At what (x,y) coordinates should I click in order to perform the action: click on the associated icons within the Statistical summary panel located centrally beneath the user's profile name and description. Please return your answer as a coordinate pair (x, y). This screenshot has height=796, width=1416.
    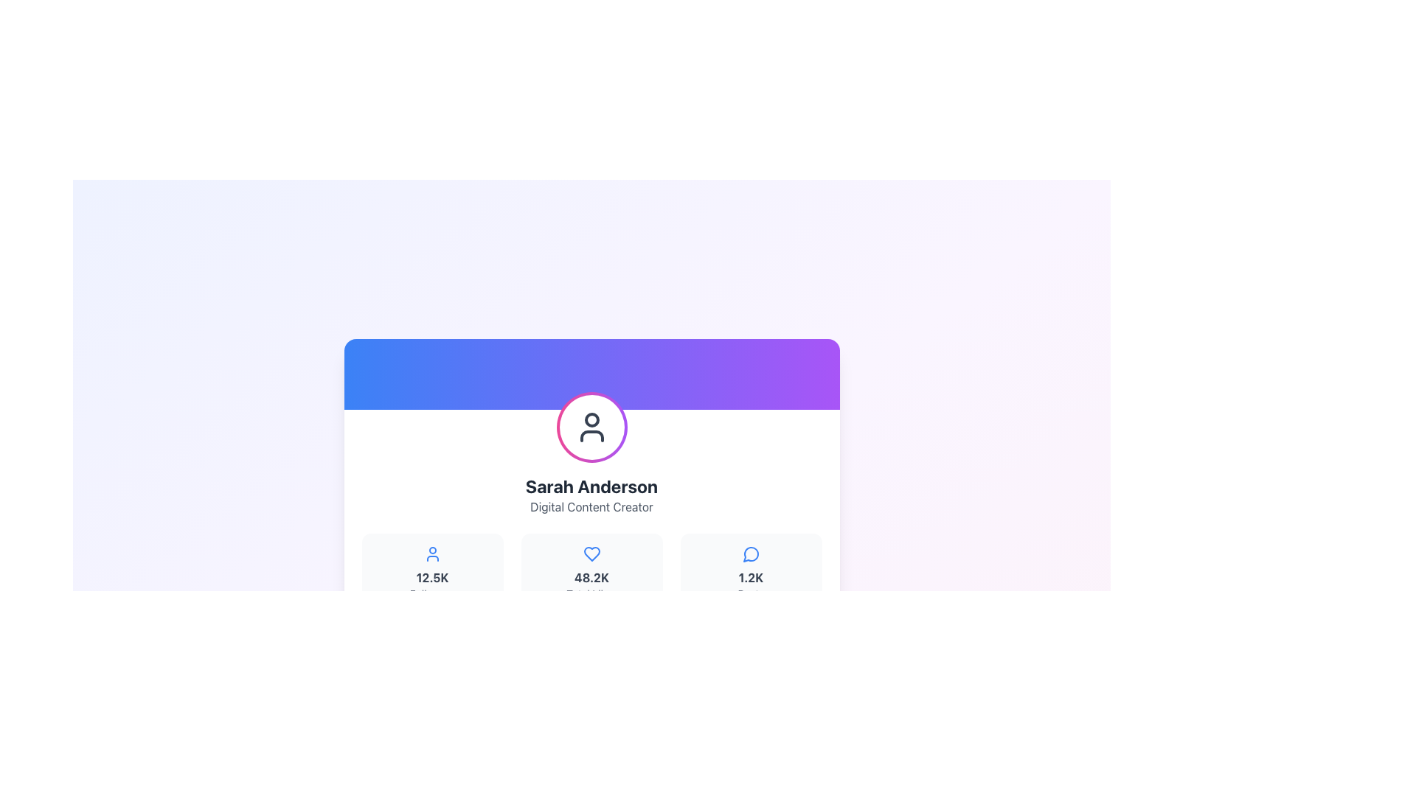
    Looking at the image, I should click on (591, 573).